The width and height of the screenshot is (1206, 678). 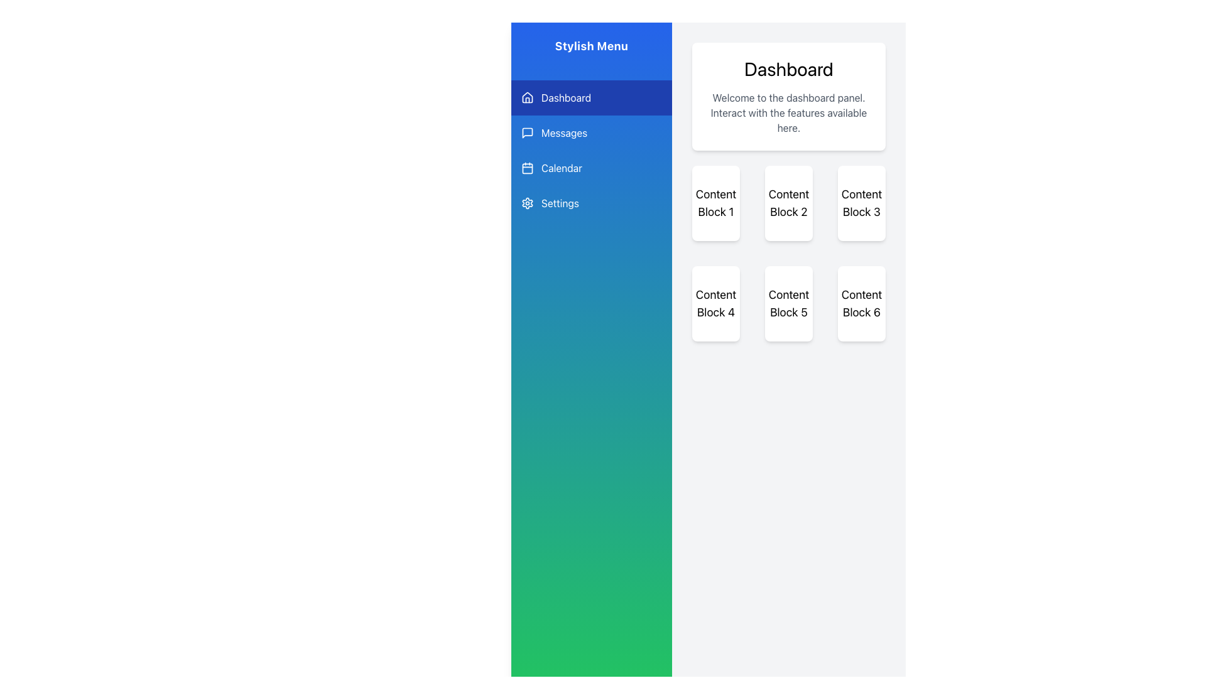 I want to click on the cogwheel icon located in the left sidebar menu, adjacent to the 'Settings' text, so click(x=528, y=203).